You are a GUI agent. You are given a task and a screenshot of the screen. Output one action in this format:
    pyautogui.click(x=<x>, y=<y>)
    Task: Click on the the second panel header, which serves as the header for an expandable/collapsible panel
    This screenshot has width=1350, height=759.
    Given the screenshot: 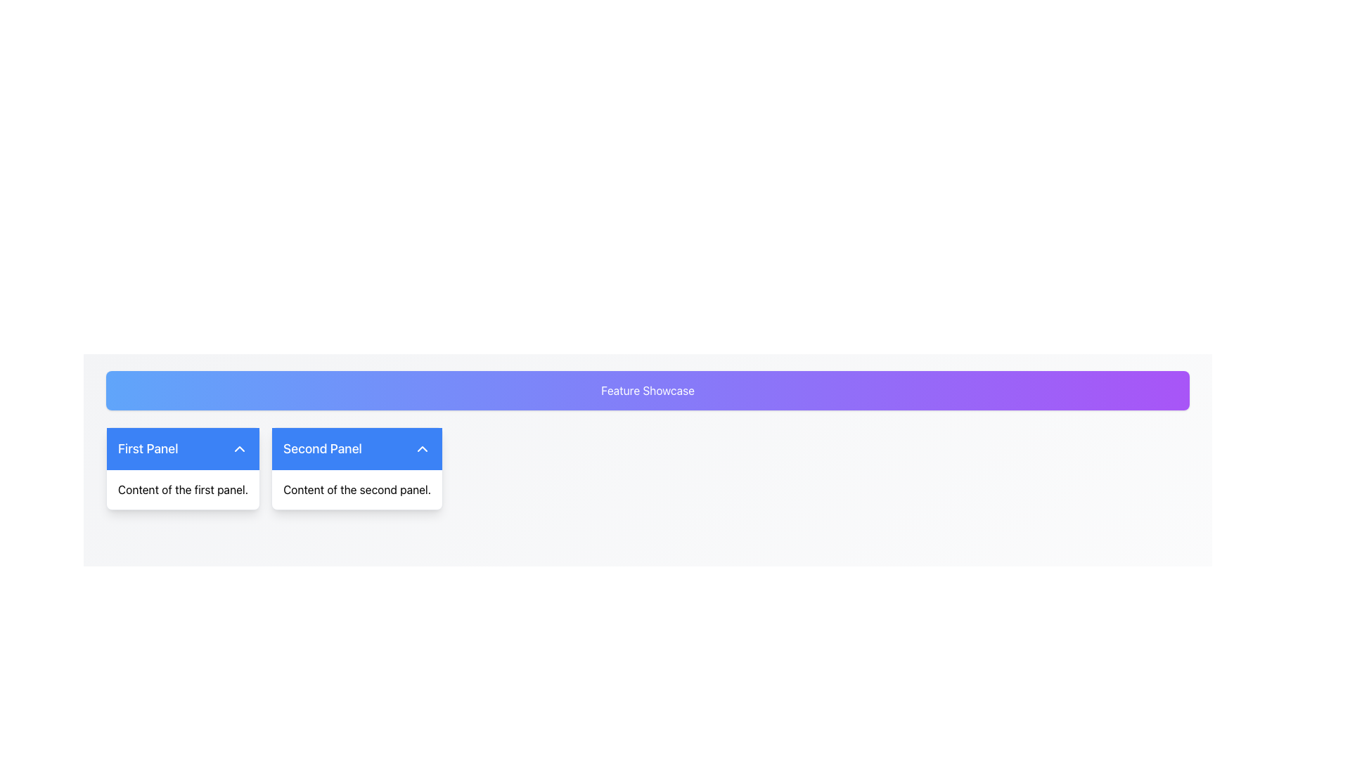 What is the action you would take?
    pyautogui.click(x=357, y=449)
    